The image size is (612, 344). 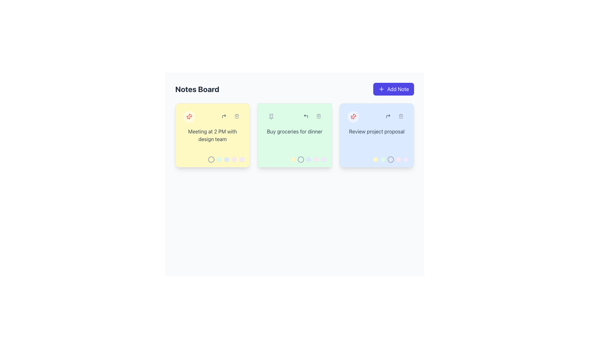 What do you see at coordinates (353, 116) in the screenshot?
I see `the visual state of the red stylized pin icon with a rounded pinhead and sharp base, positioned in the top-left subsection of the interface, part of the first card in a row of three note cards` at bounding box center [353, 116].